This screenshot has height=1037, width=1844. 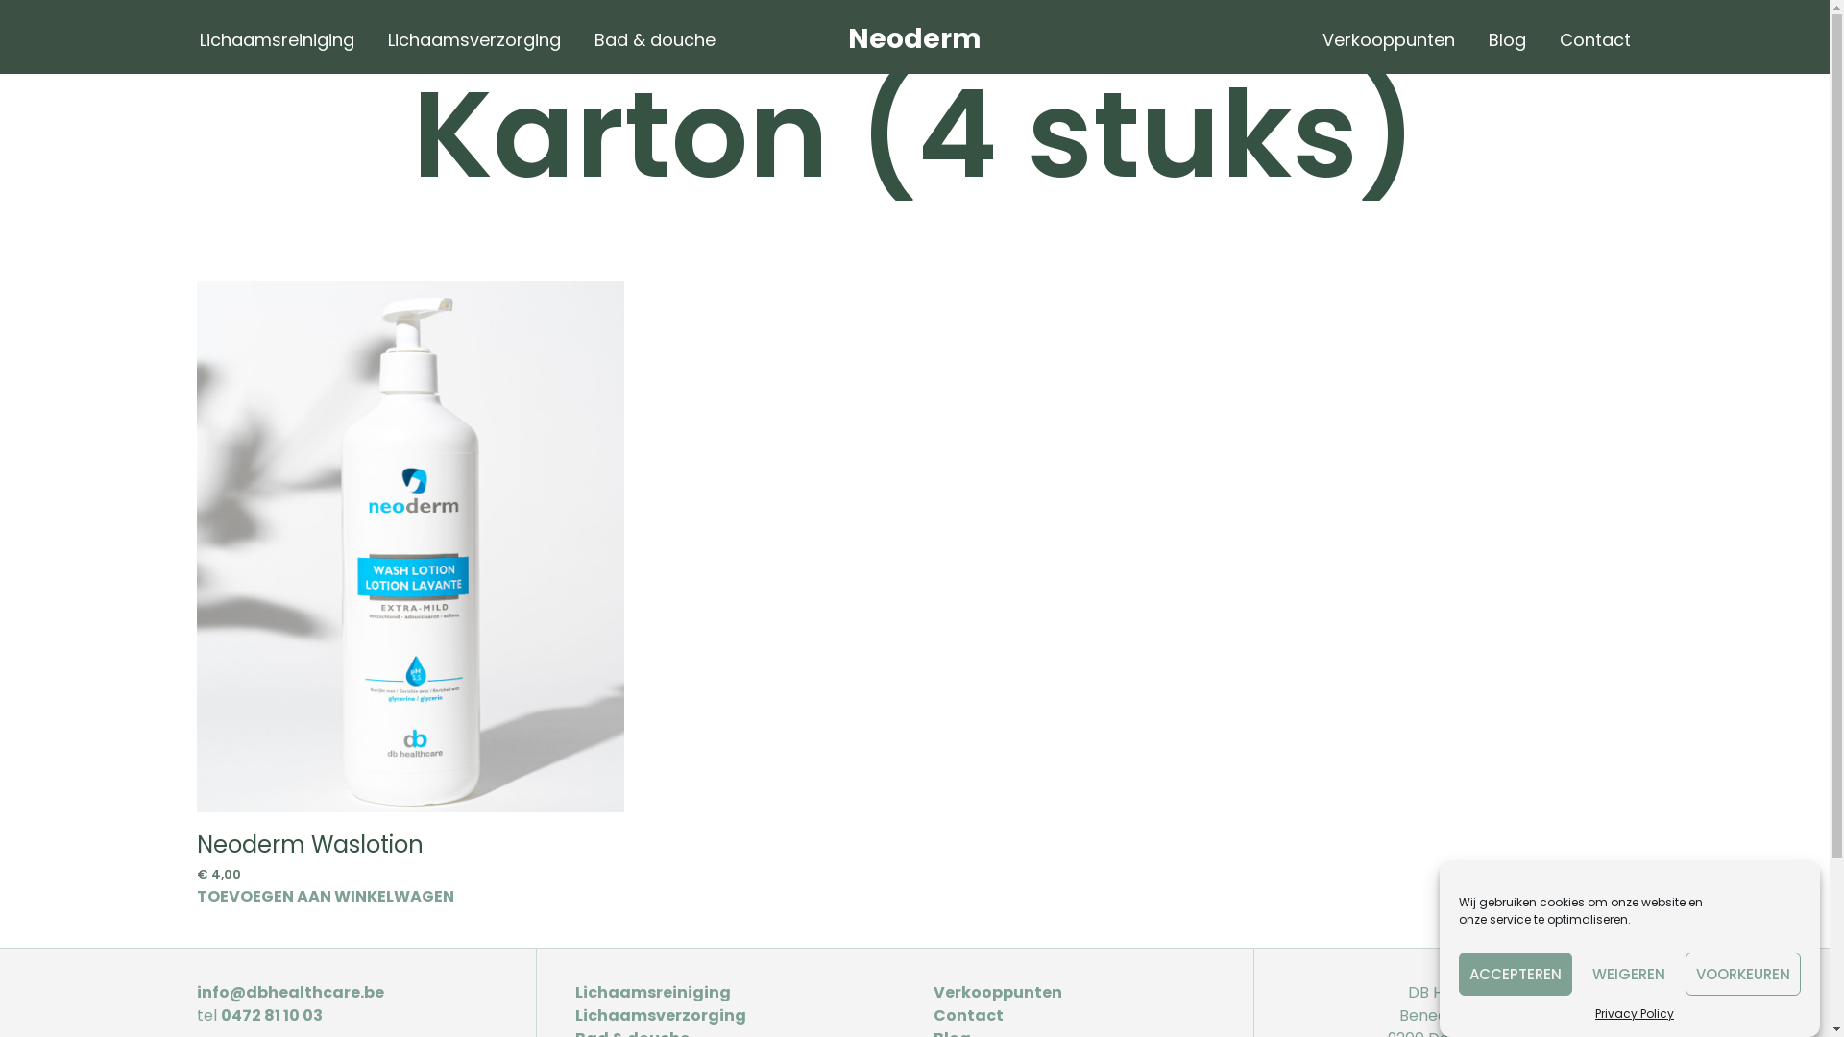 I want to click on 'Neoderm', so click(x=913, y=38).